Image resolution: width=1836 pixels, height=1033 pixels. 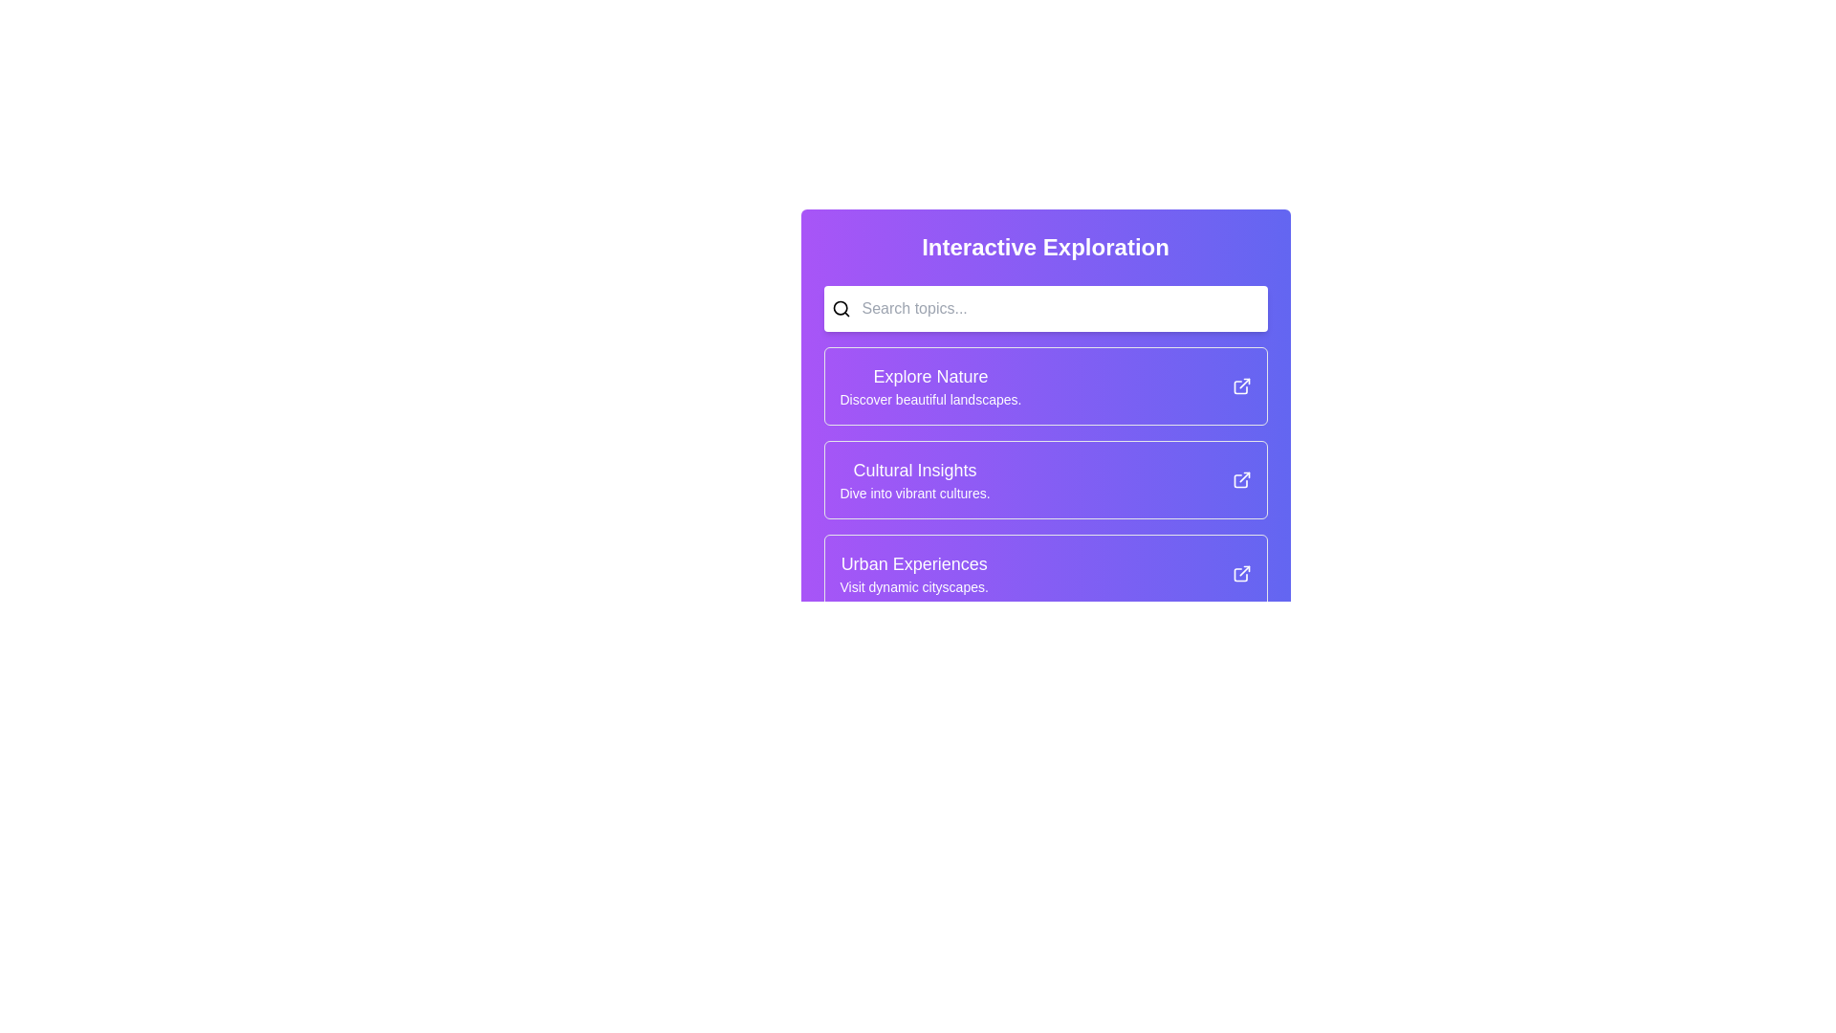 What do you see at coordinates (1244, 384) in the screenshot?
I see `the diagonal line within the external link icon located in the 'Explore Nature' row` at bounding box center [1244, 384].